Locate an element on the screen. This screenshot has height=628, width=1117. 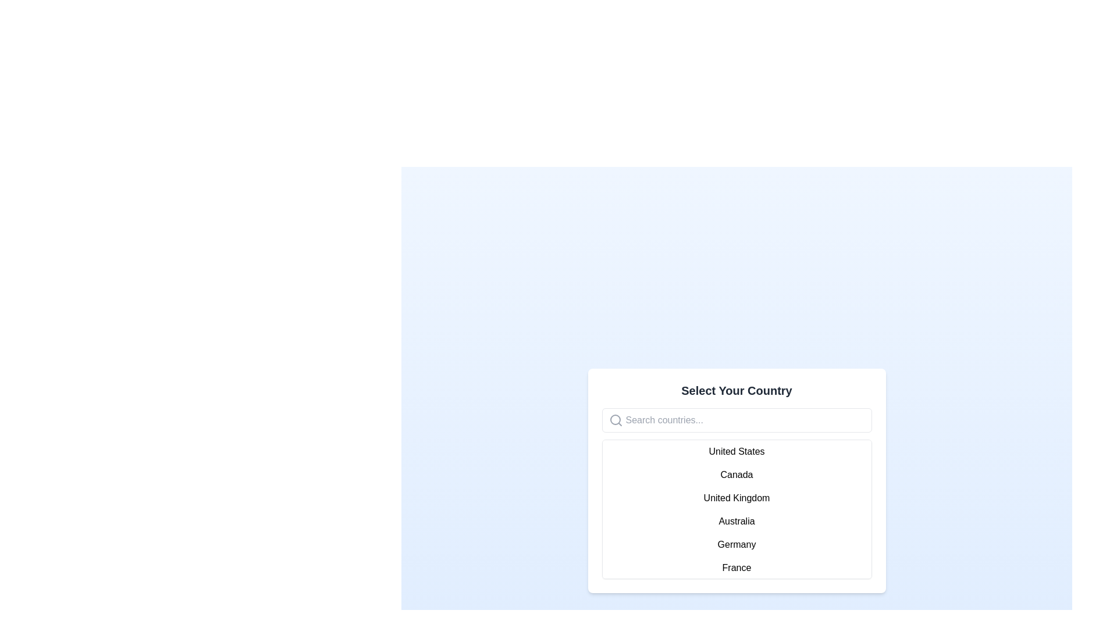
the list item displaying 'Canada' in the dropdown menu is located at coordinates (736, 480).